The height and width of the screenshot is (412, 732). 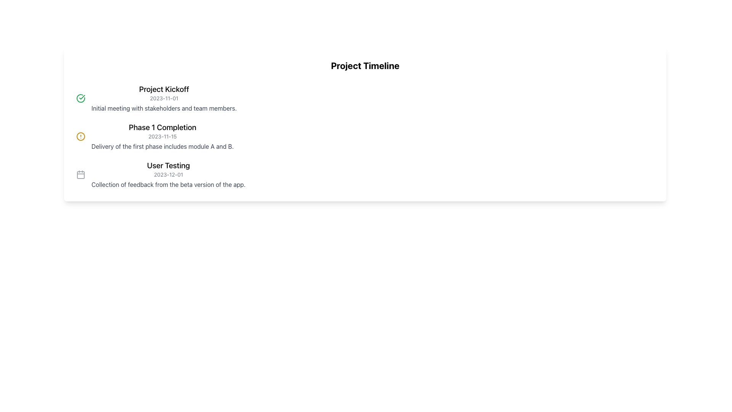 I want to click on date text displayed below the title 'Project Kickoff' in the timeline layout, so click(x=164, y=98).